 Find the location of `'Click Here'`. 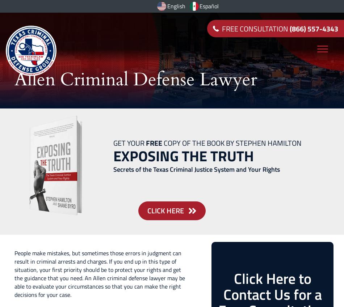

'Click Here' is located at coordinates (165, 210).